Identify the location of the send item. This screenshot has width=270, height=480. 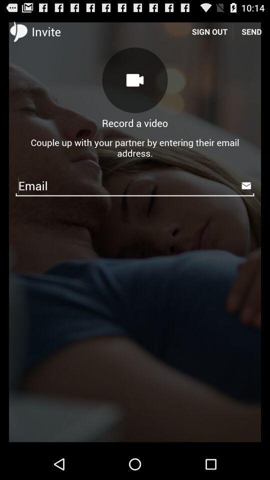
(251, 31).